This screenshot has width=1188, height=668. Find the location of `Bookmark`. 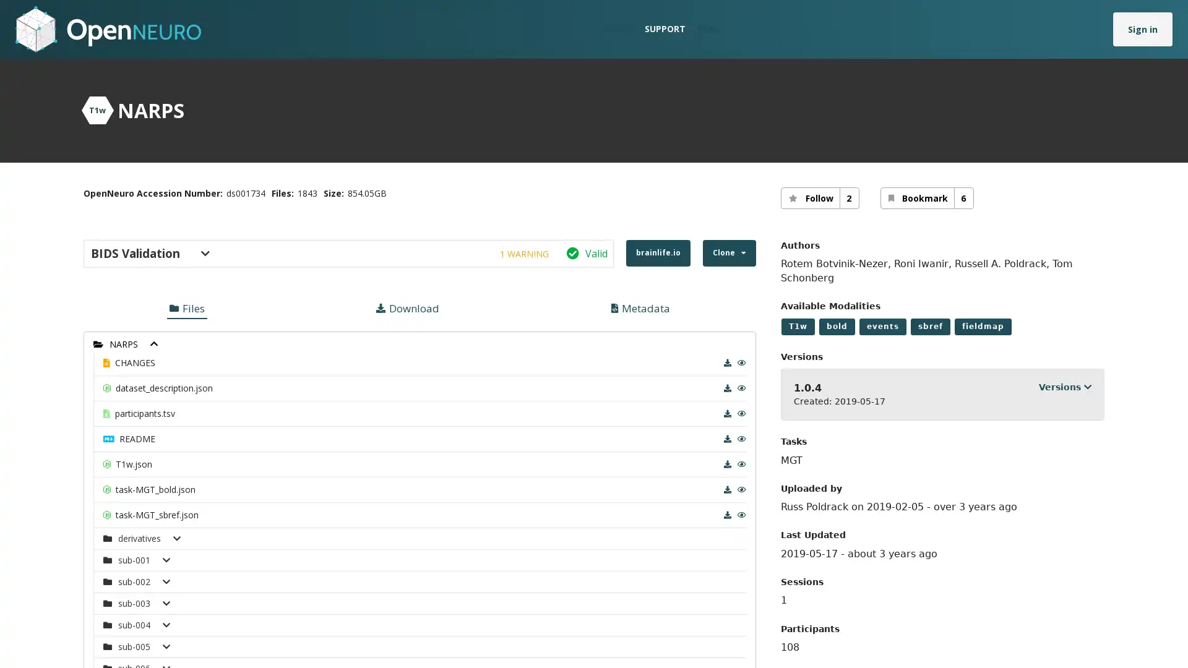

Bookmark is located at coordinates (926, 197).